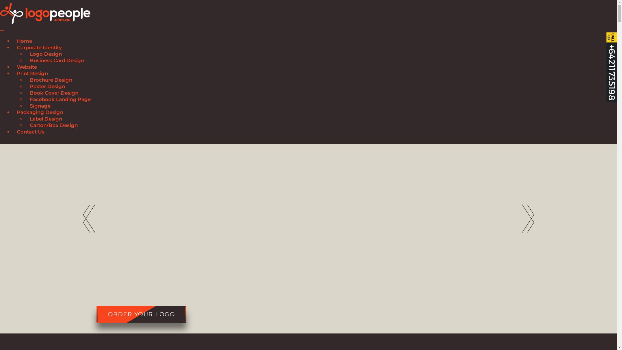  What do you see at coordinates (54, 126) in the screenshot?
I see `'Carton/Box Design'` at bounding box center [54, 126].